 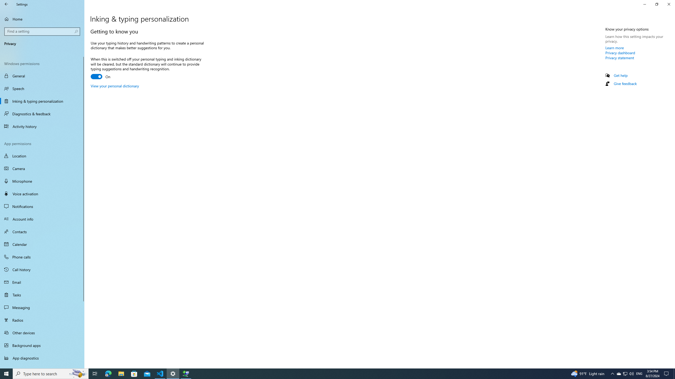 What do you see at coordinates (42, 76) in the screenshot?
I see `'General'` at bounding box center [42, 76].